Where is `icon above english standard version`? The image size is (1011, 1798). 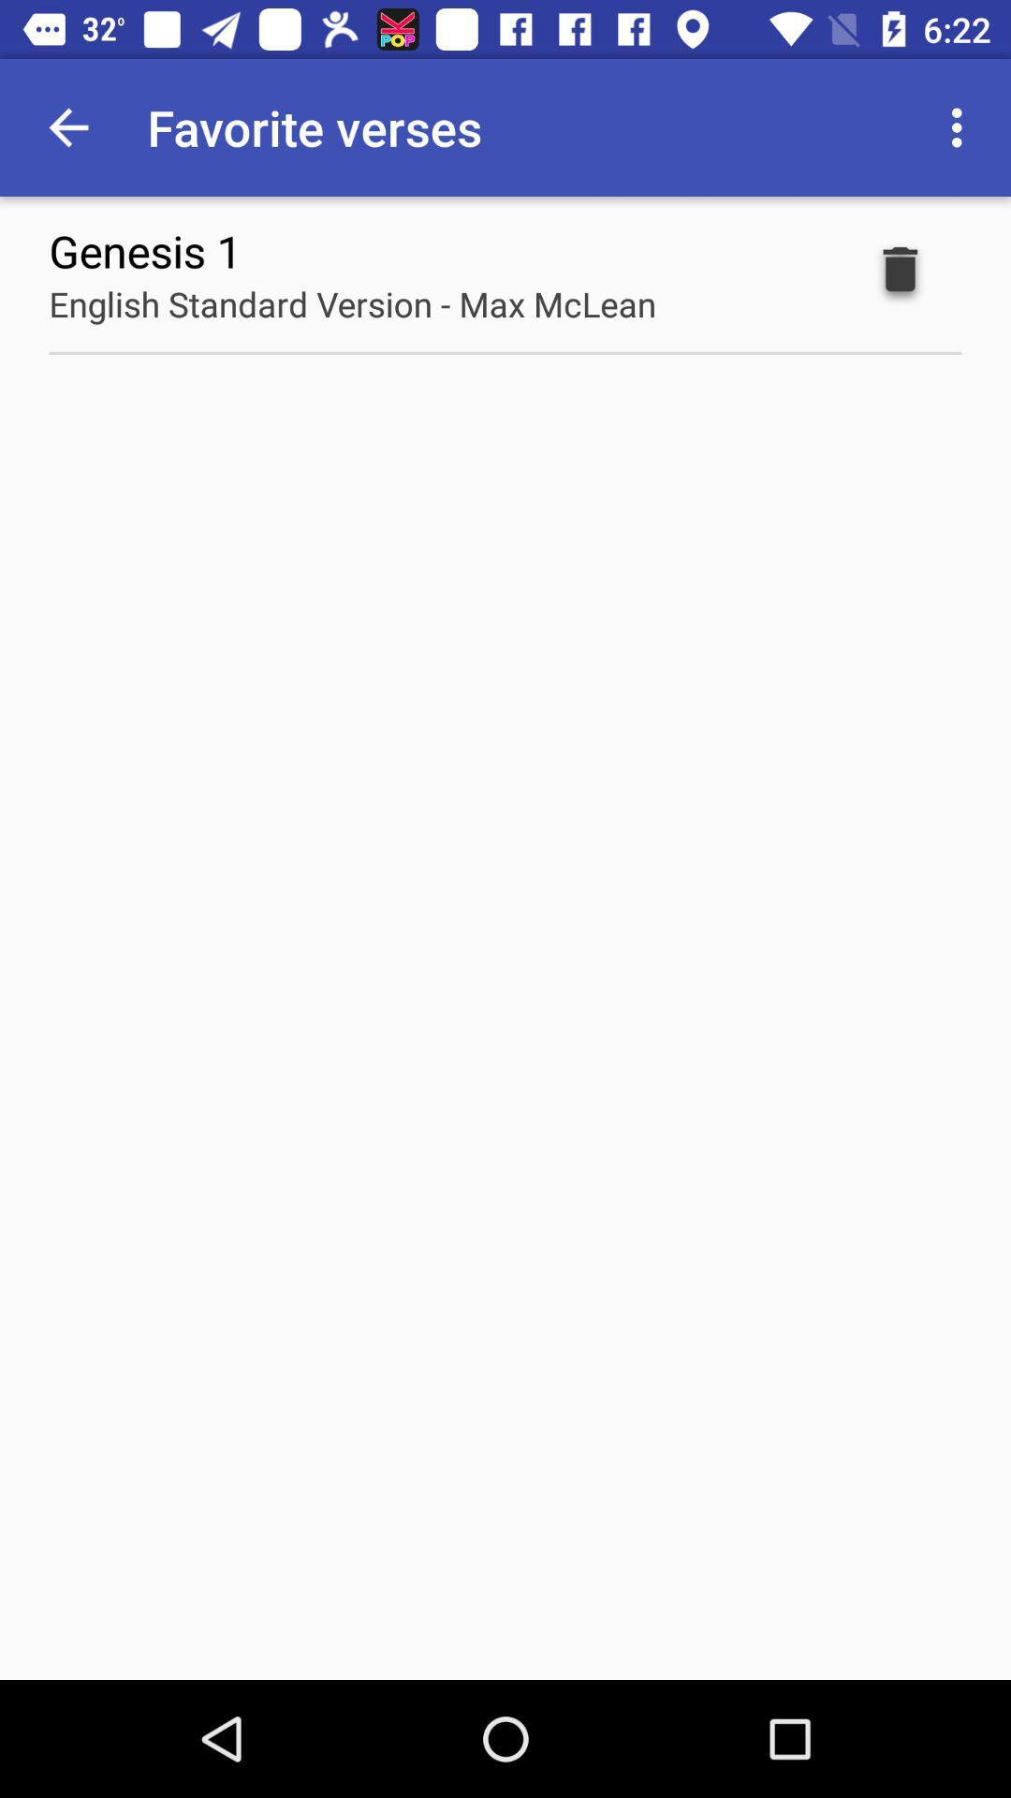 icon above english standard version is located at coordinates (144, 250).